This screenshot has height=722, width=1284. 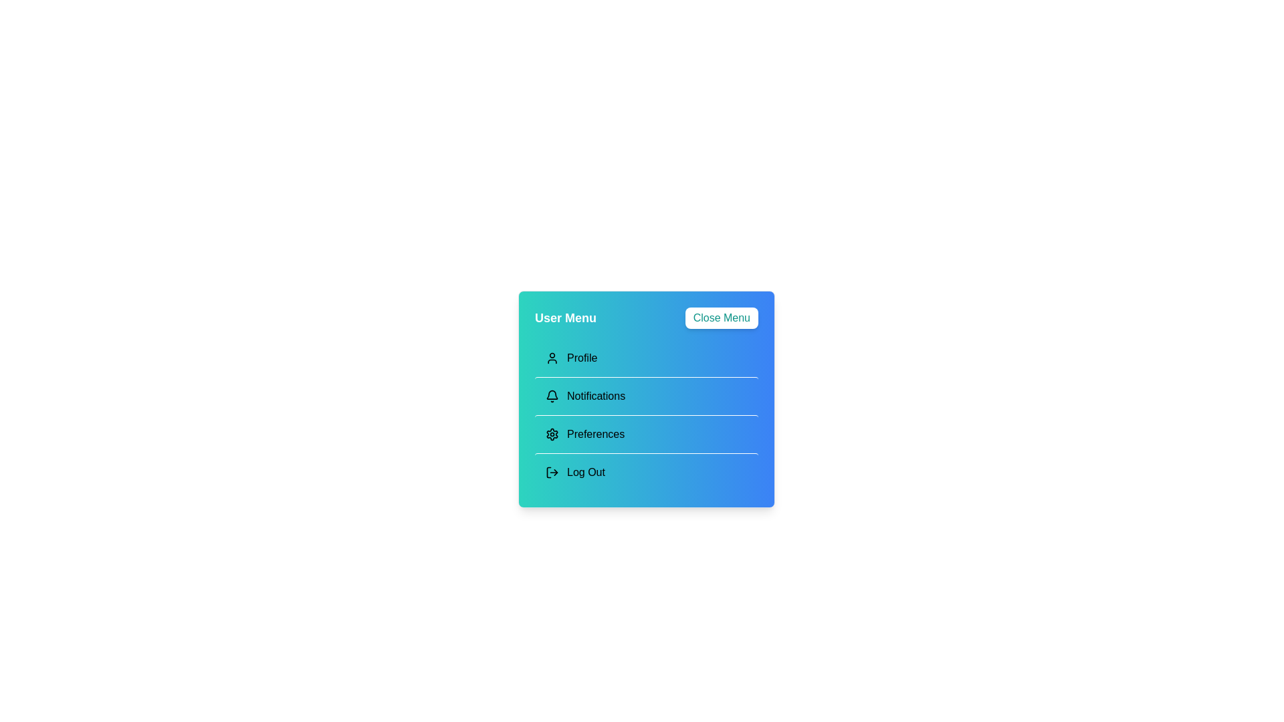 I want to click on the menu option Preferences by clicking on its corresponding area, so click(x=646, y=434).